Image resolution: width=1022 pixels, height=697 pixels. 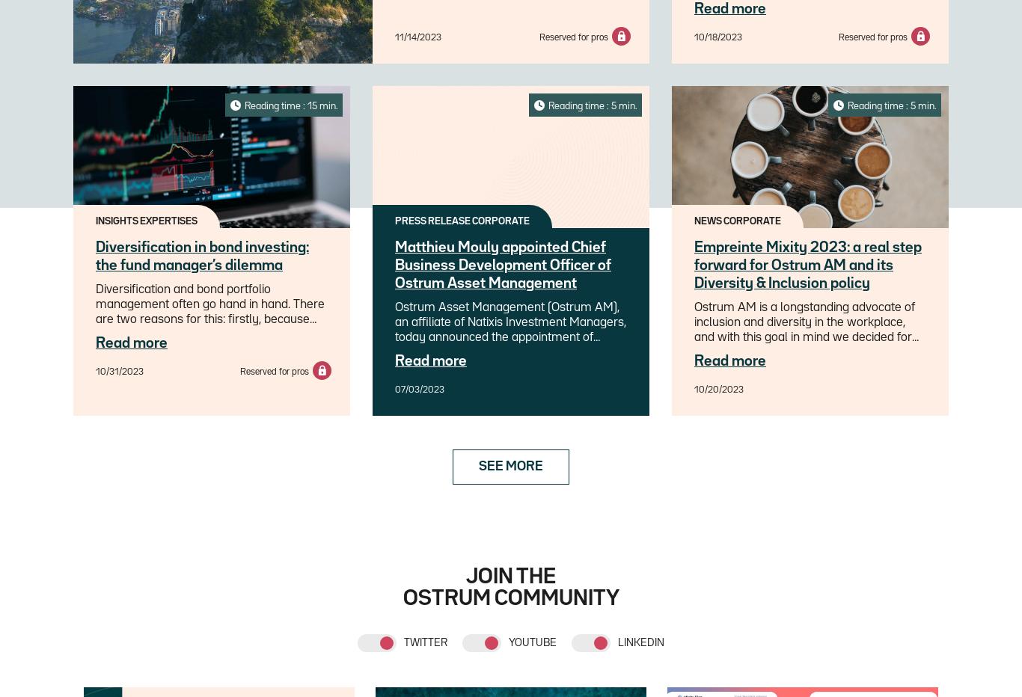 I want to click on 'INSIGHTS
													EXPERTISES', so click(x=146, y=221).